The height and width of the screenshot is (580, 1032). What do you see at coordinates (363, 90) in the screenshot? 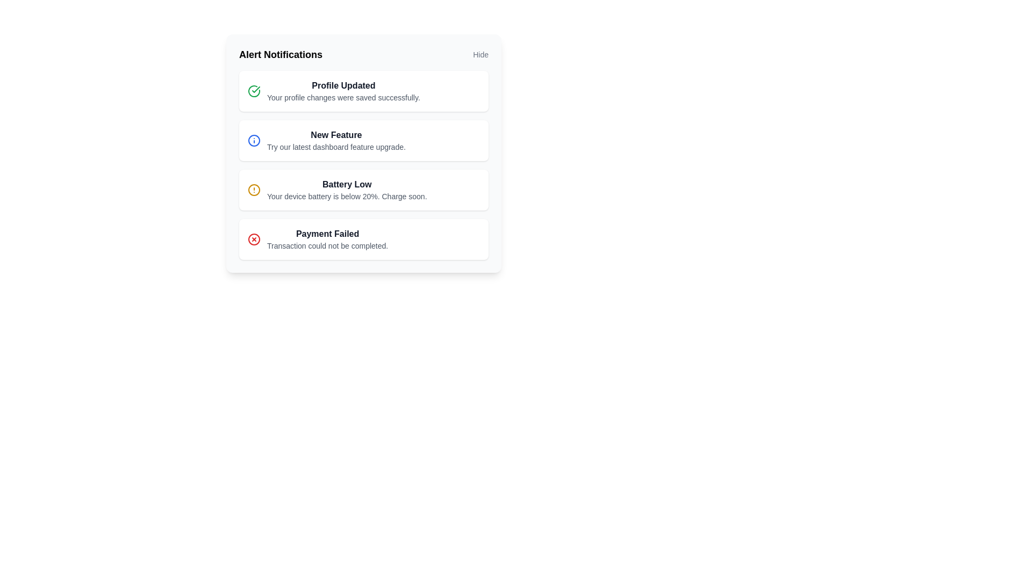
I see `the Notification card in the 'Alert Notifications' section, which indicates that profile changes have been saved successfully` at bounding box center [363, 90].